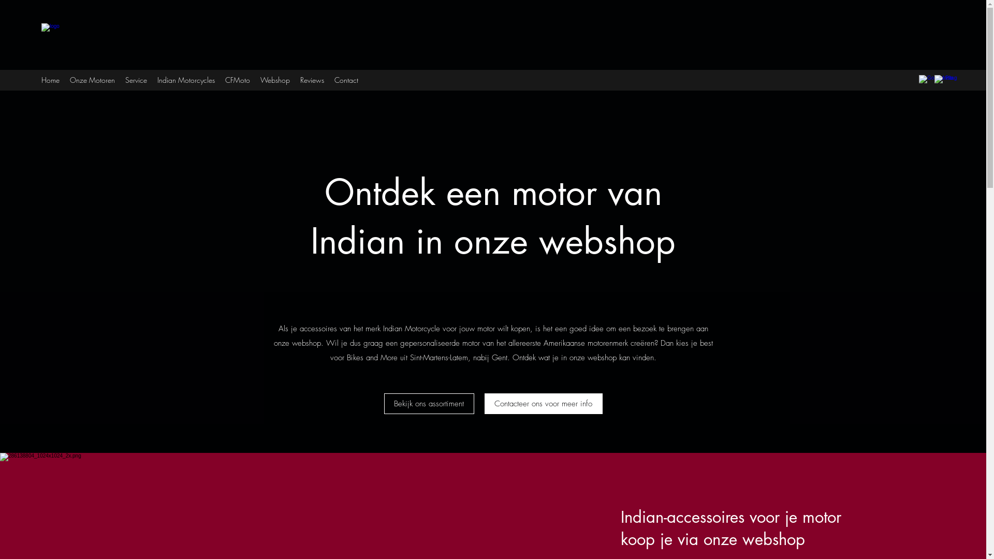 The width and height of the screenshot is (994, 559). Describe the element at coordinates (429, 403) in the screenshot. I see `'Bekijk ons assortiment'` at that location.